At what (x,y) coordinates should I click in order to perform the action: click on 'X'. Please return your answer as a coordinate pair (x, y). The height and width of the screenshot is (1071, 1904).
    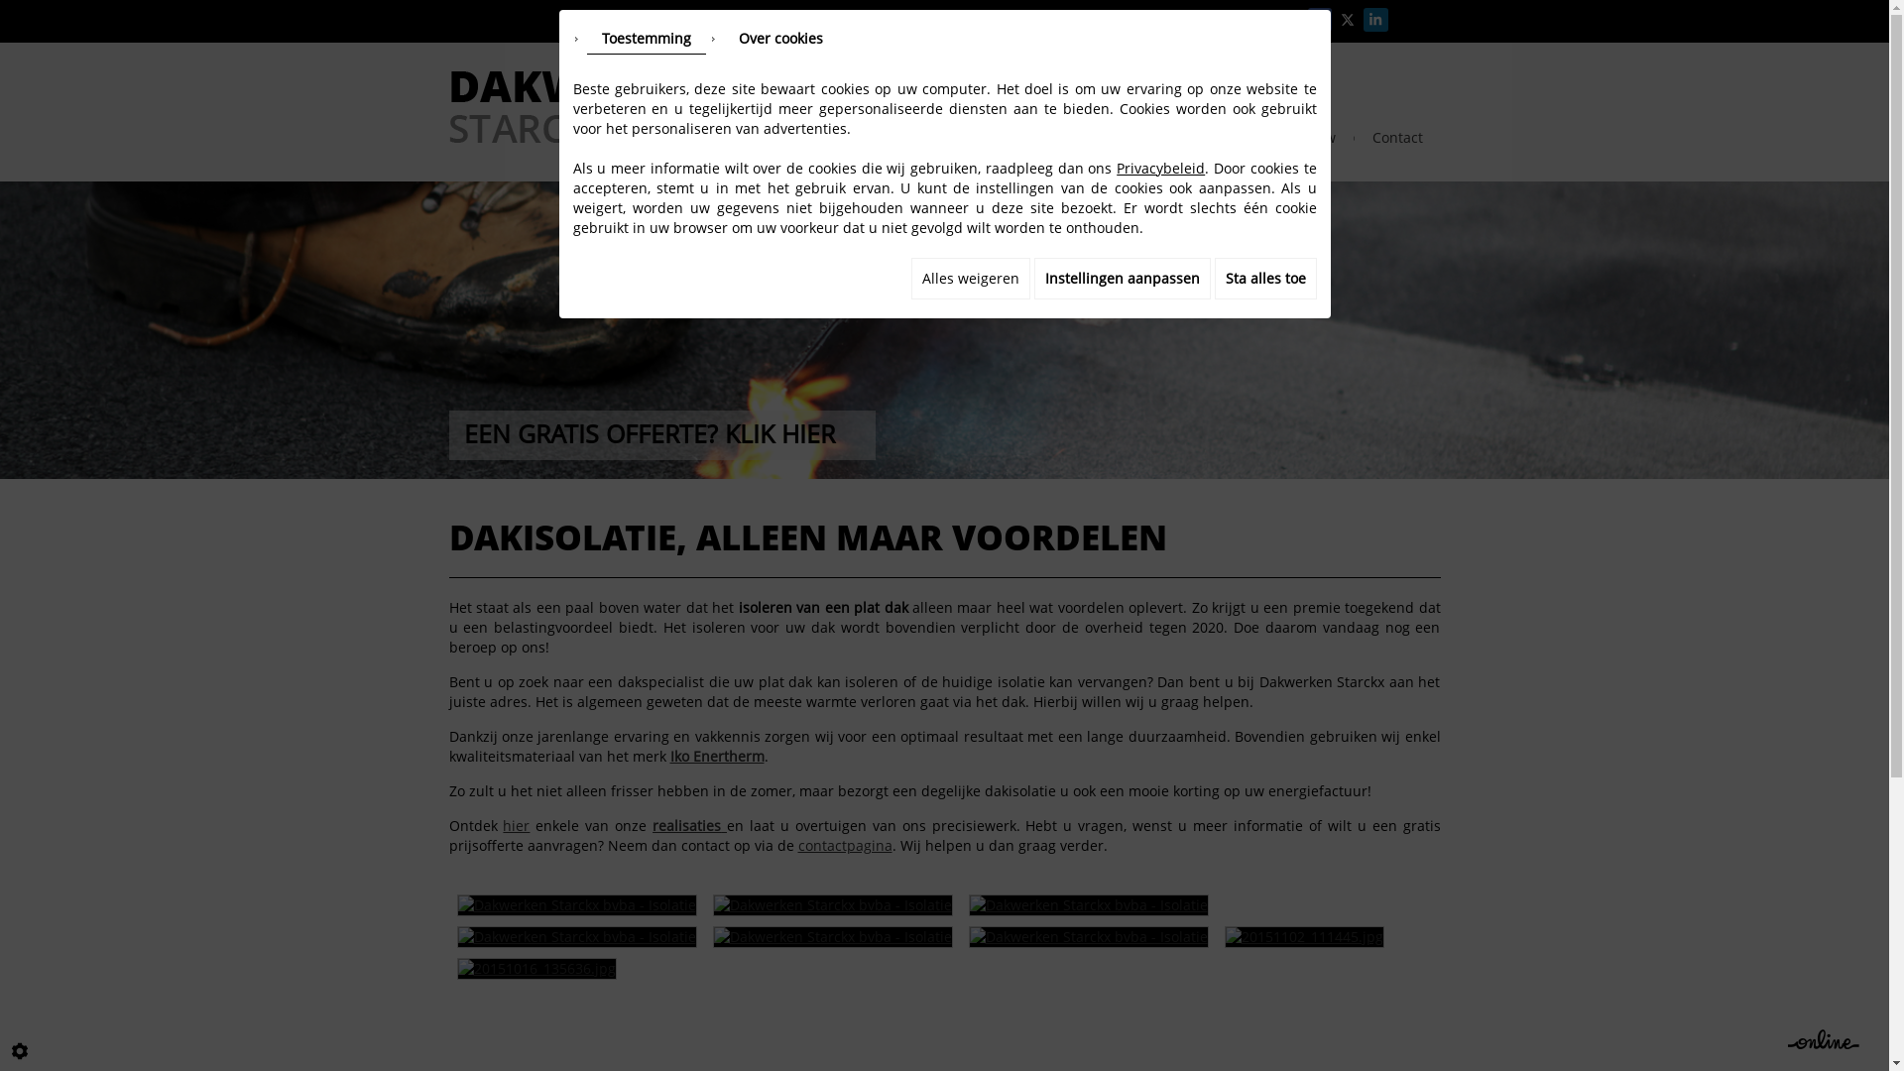
    Looking at the image, I should click on (1347, 19).